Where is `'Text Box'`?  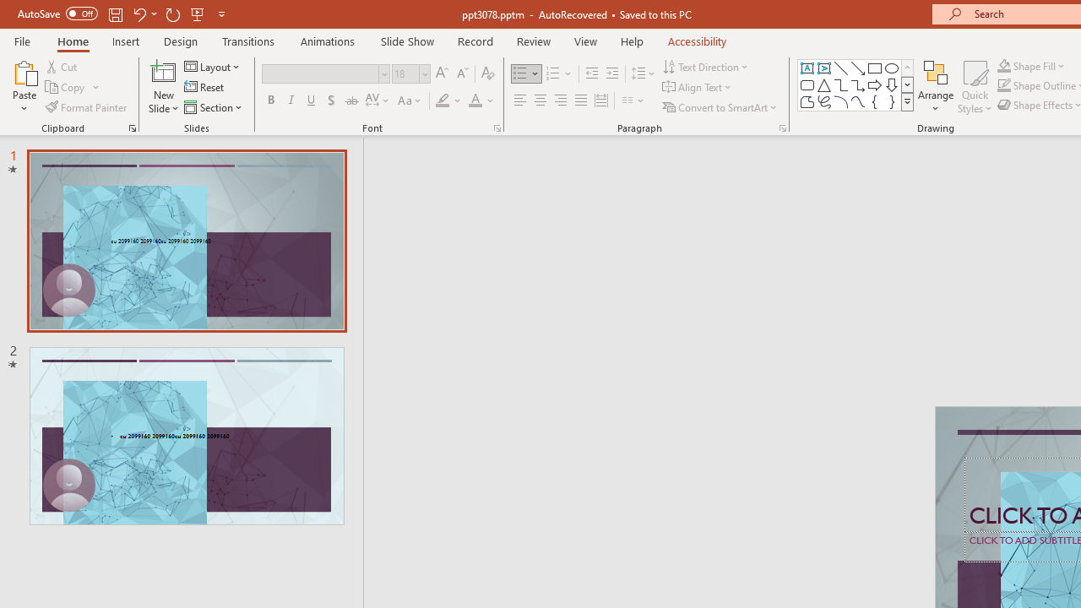
'Text Box' is located at coordinates (807, 68).